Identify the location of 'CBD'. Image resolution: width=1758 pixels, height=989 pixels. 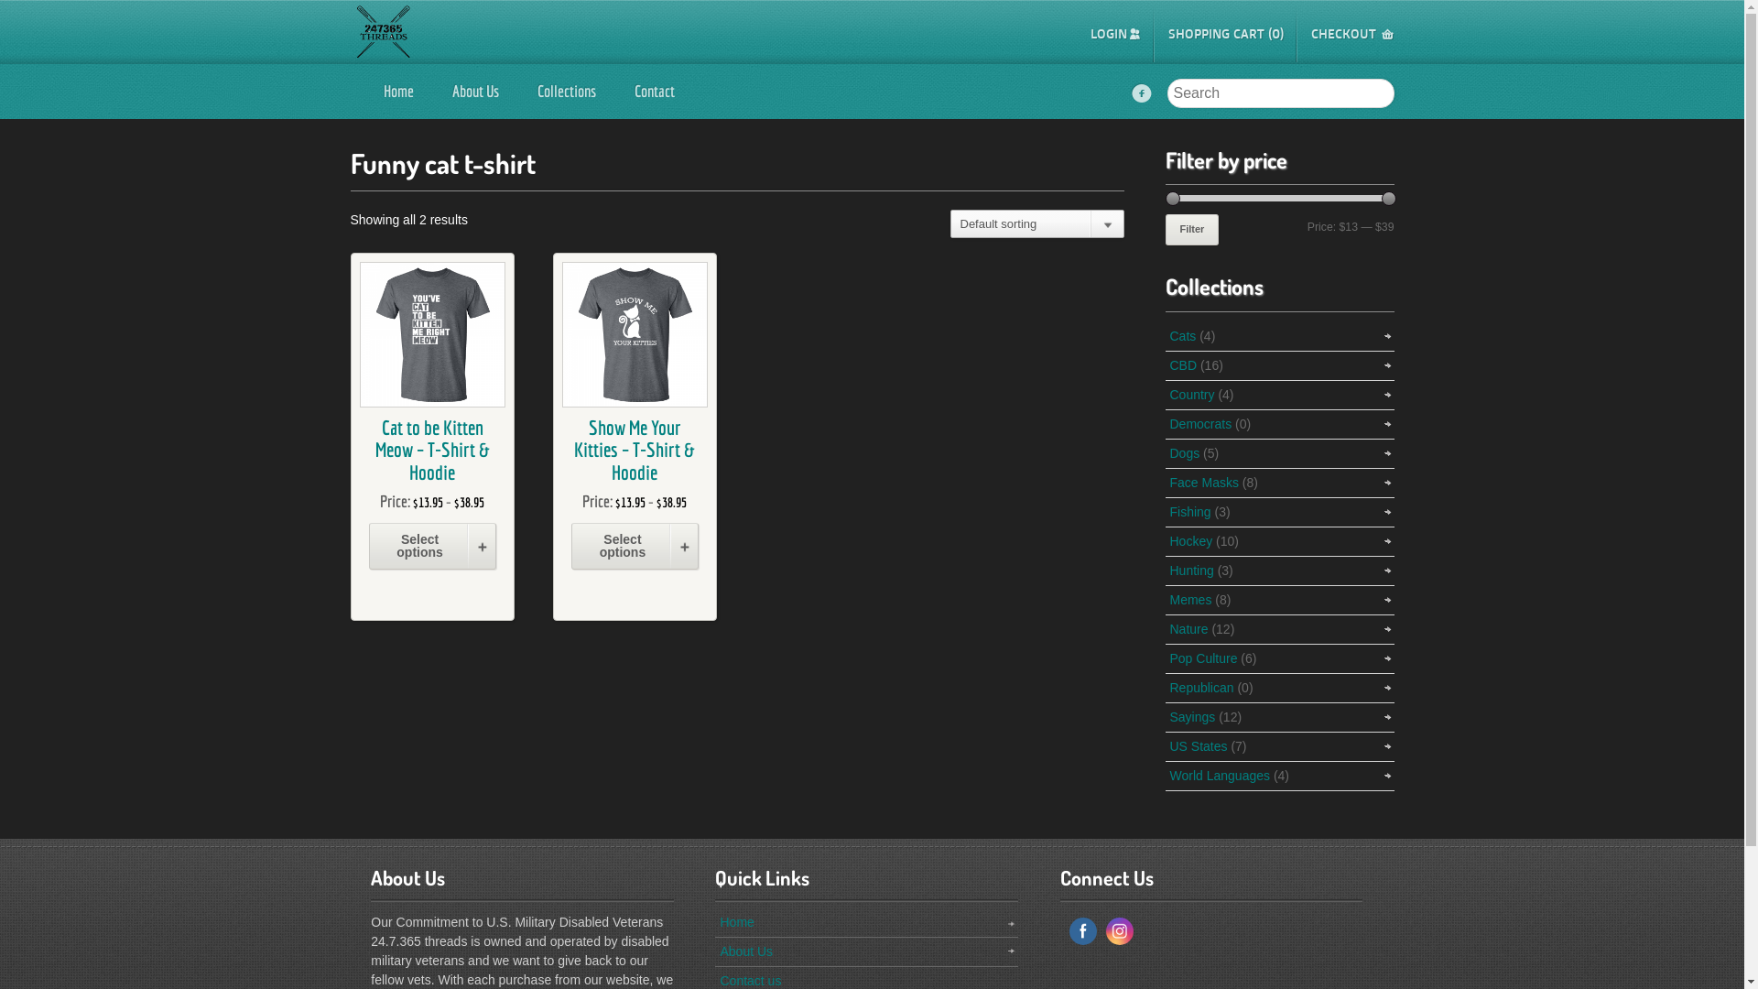
(1183, 364).